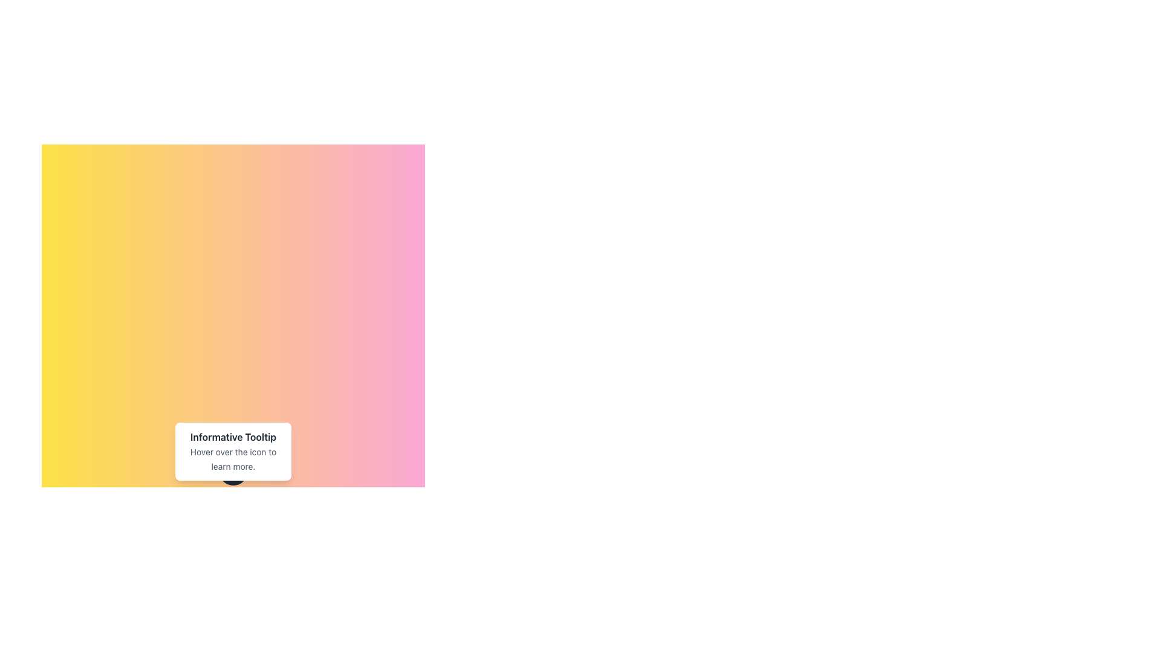 The height and width of the screenshot is (653, 1161). Describe the element at coordinates (233, 437) in the screenshot. I see `the title text label of the tooltip that provides a descriptive heading for the associated information or action` at that location.